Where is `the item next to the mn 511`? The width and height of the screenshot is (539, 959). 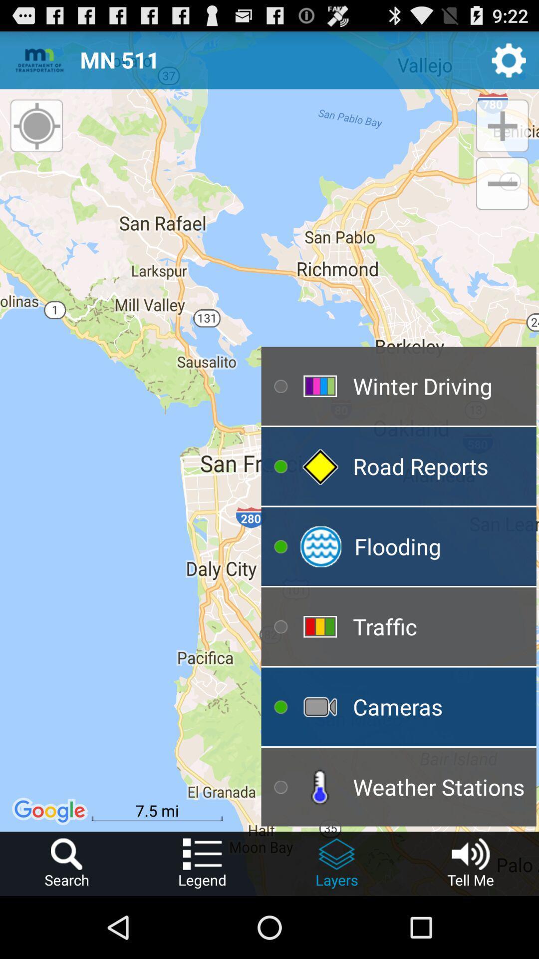 the item next to the mn 511 is located at coordinates (509, 59).